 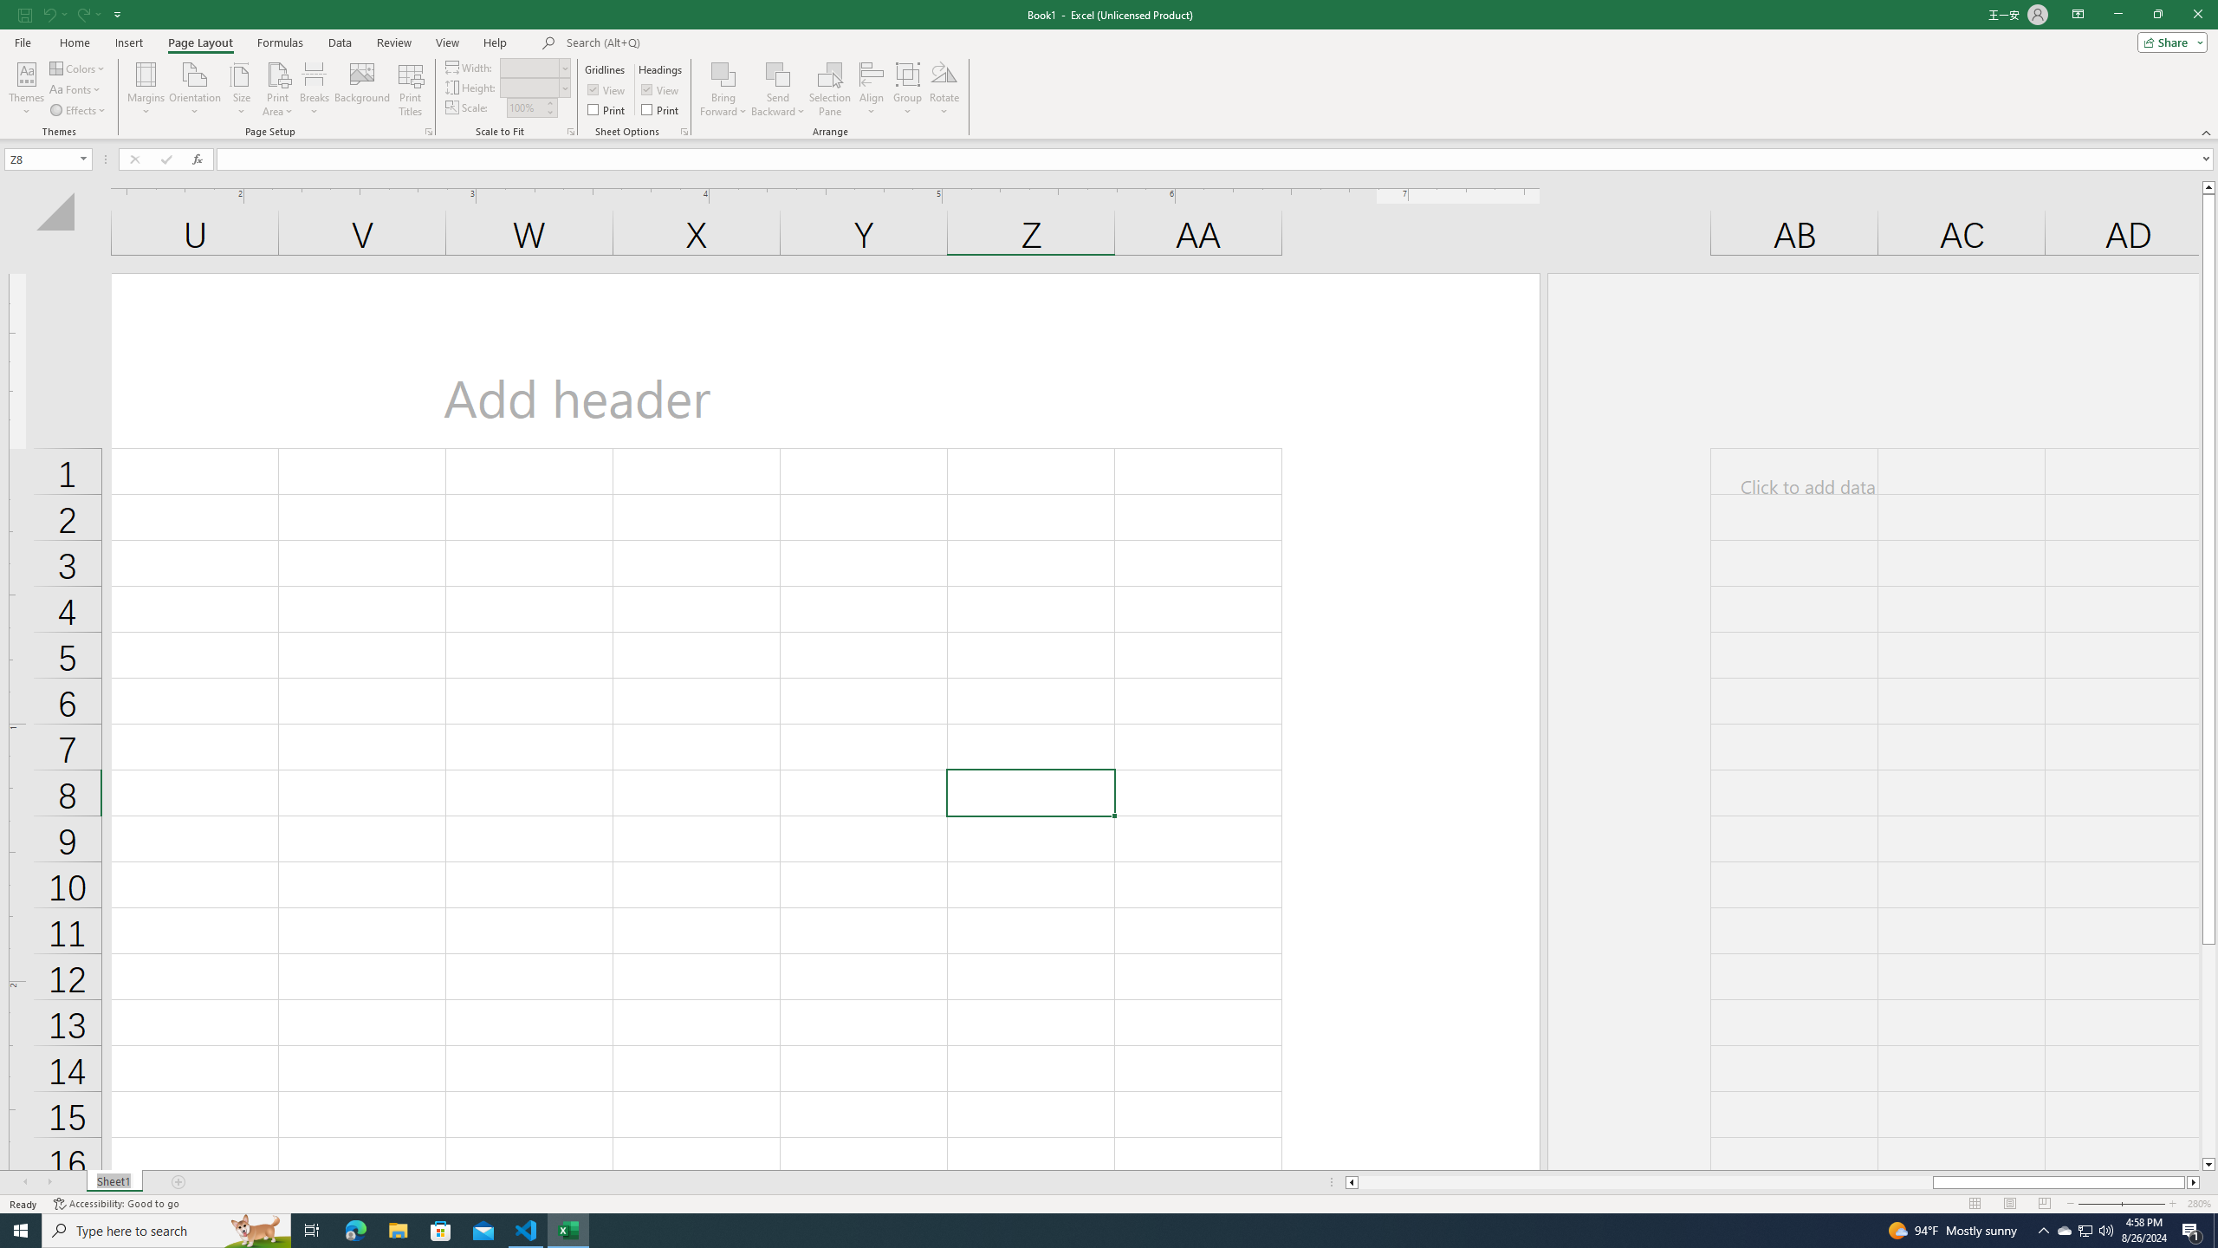 What do you see at coordinates (409, 89) in the screenshot?
I see `'Print Titles'` at bounding box center [409, 89].